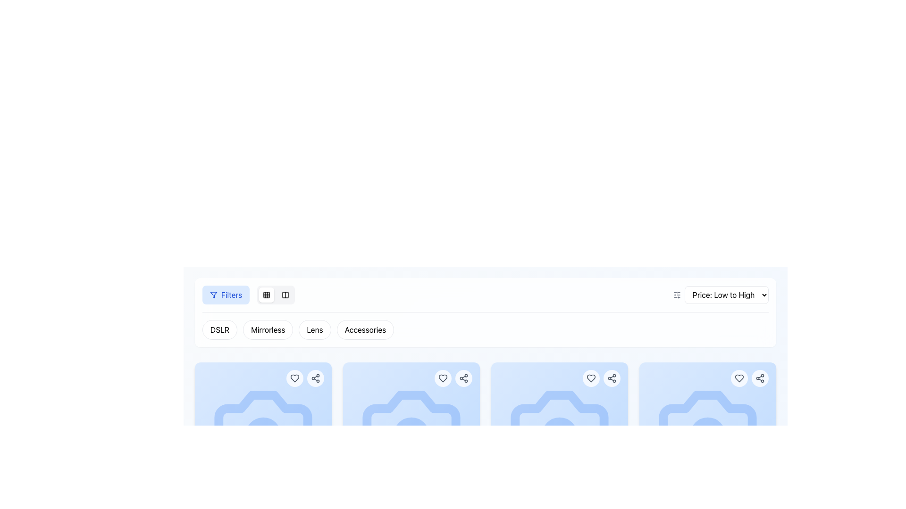  What do you see at coordinates (285, 294) in the screenshot?
I see `the vertically split rectangular button that resembles column view functionality by` at bounding box center [285, 294].